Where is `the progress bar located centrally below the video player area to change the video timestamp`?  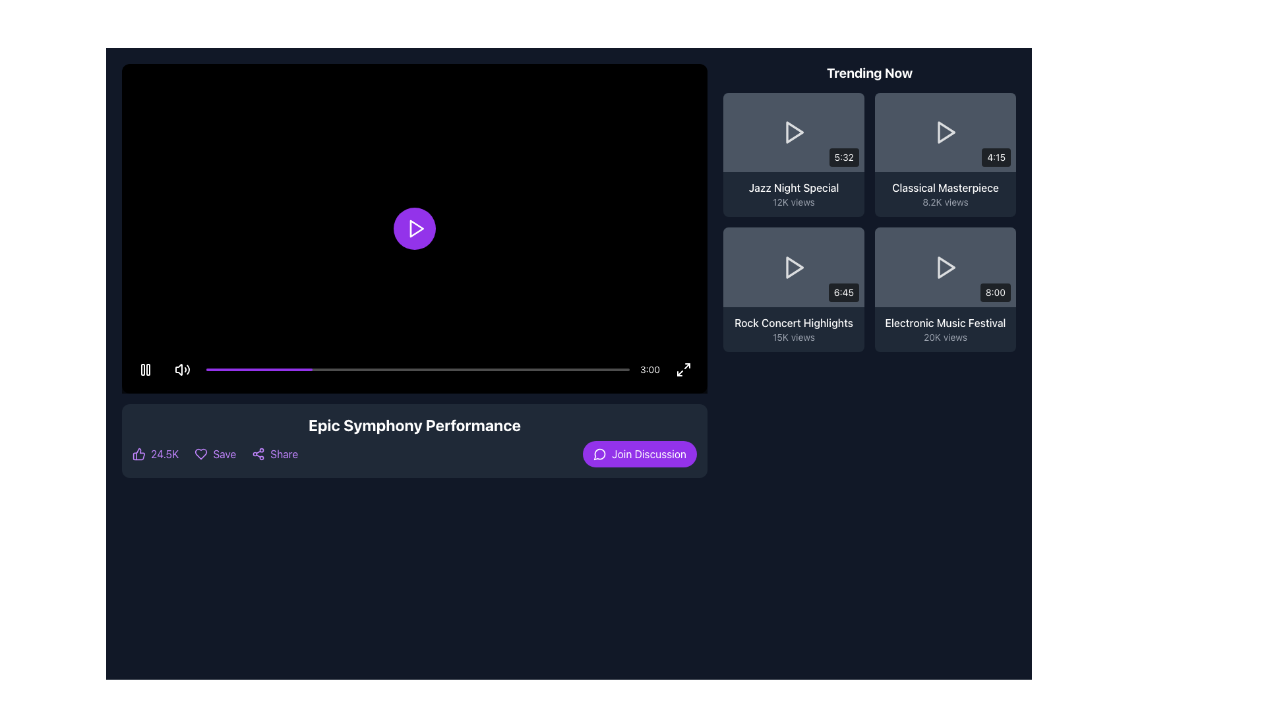 the progress bar located centrally below the video player area to change the video timestamp is located at coordinates (417, 369).